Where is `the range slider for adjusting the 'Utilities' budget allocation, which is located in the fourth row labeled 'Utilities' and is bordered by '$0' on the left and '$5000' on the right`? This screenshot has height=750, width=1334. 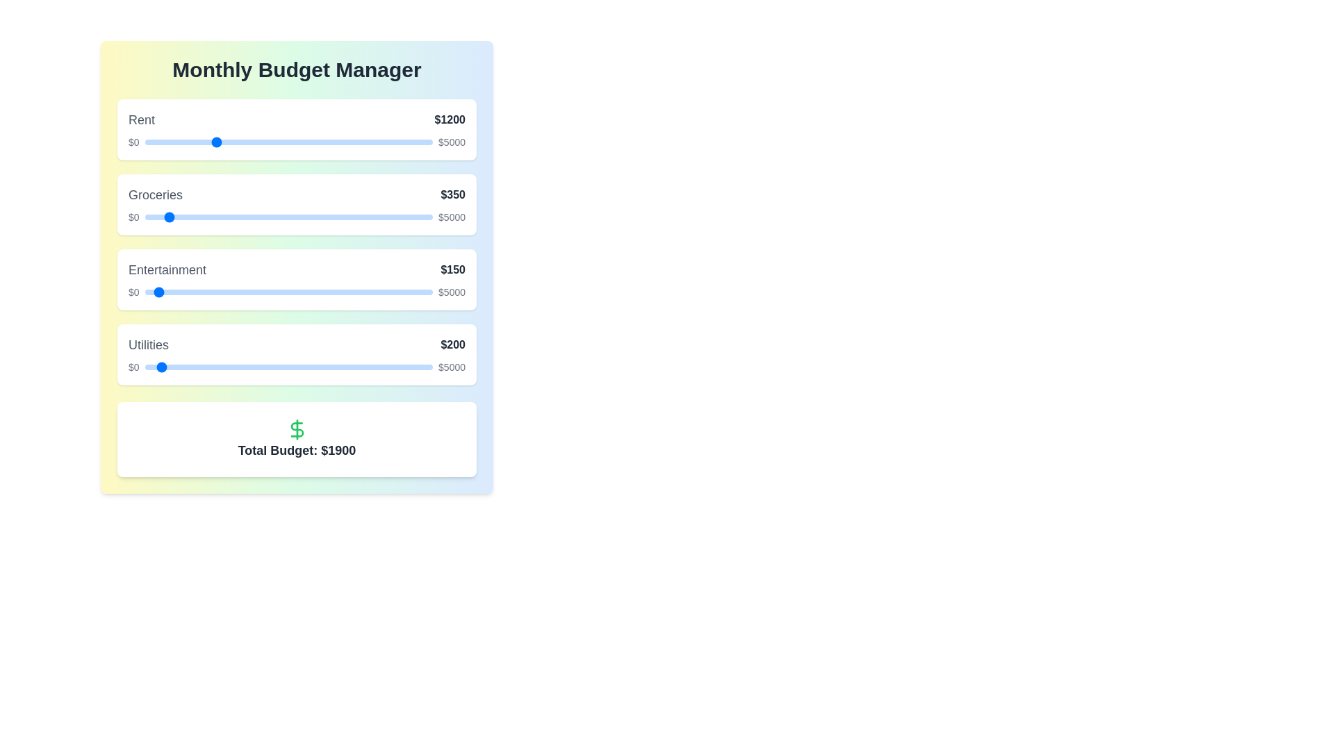 the range slider for adjusting the 'Utilities' budget allocation, which is located in the fourth row labeled 'Utilities' and is bordered by '$0' on the left and '$5000' on the right is located at coordinates (288, 366).